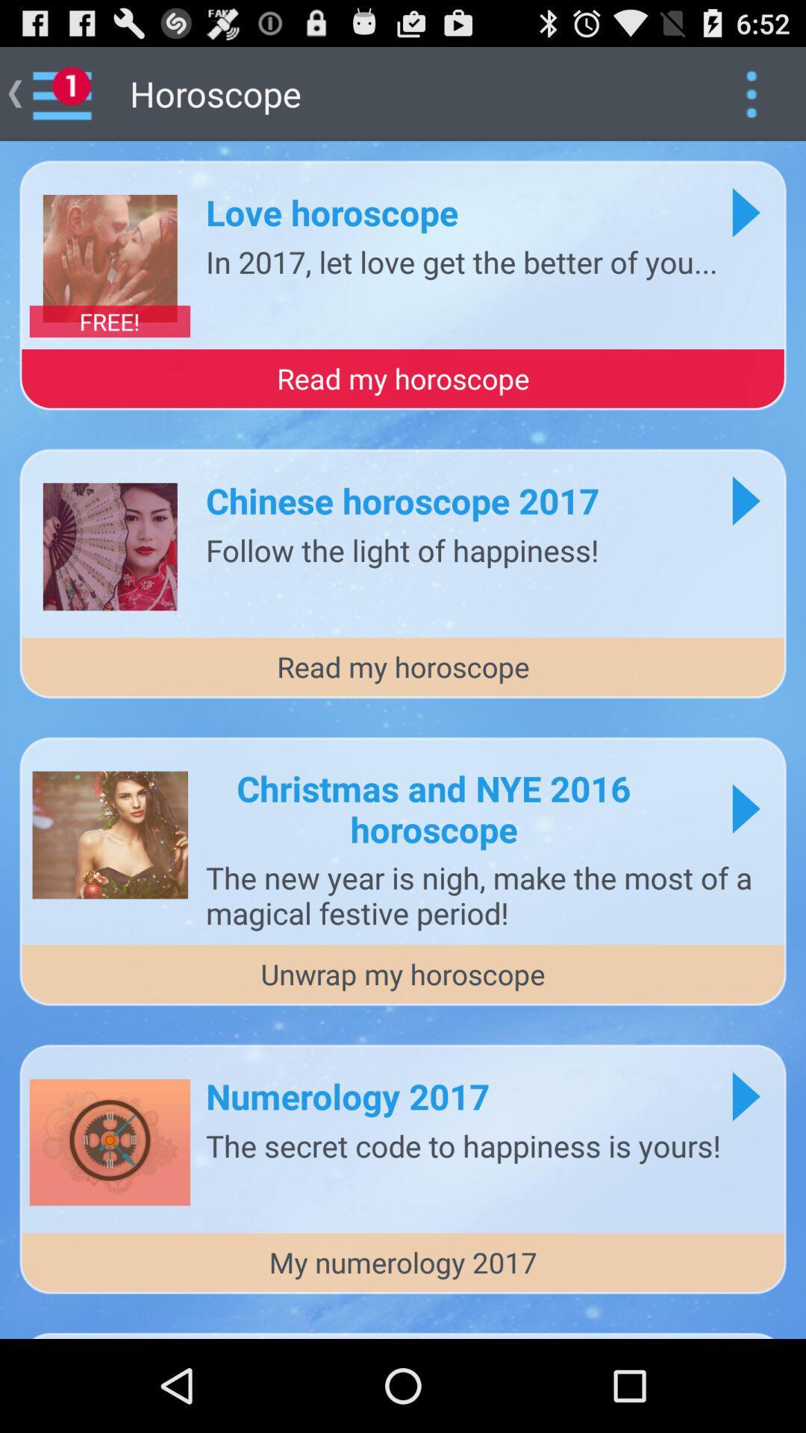  What do you see at coordinates (331, 211) in the screenshot?
I see `the love horoscope app` at bounding box center [331, 211].